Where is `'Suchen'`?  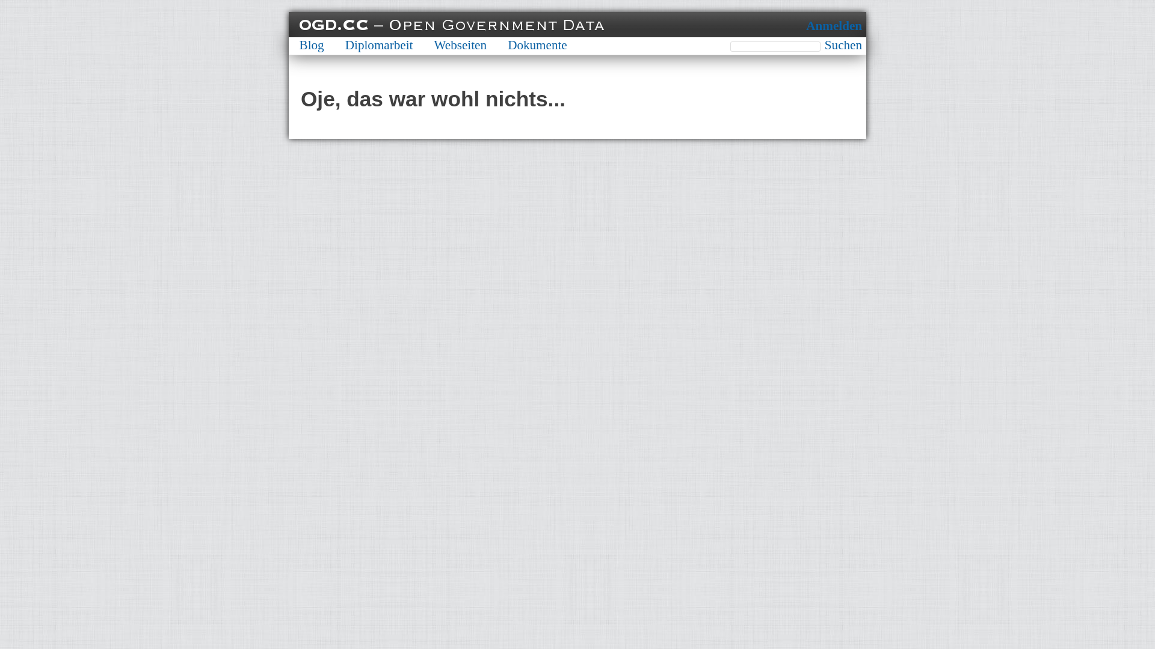
'Suchen' is located at coordinates (842, 45).